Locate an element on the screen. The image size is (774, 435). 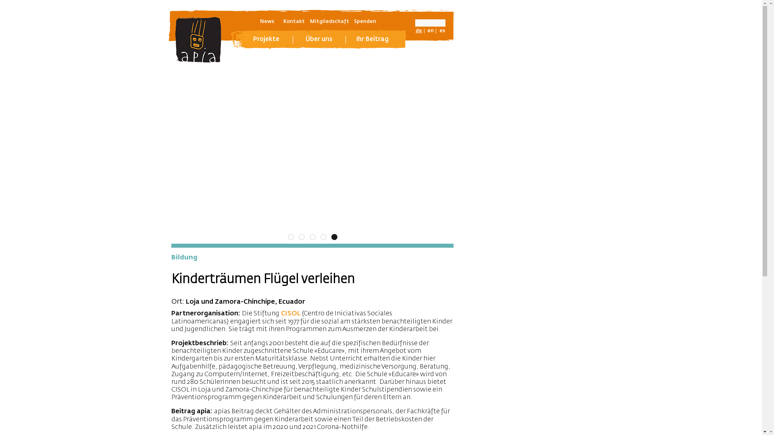
'Ihr Beitrag' is located at coordinates (372, 39).